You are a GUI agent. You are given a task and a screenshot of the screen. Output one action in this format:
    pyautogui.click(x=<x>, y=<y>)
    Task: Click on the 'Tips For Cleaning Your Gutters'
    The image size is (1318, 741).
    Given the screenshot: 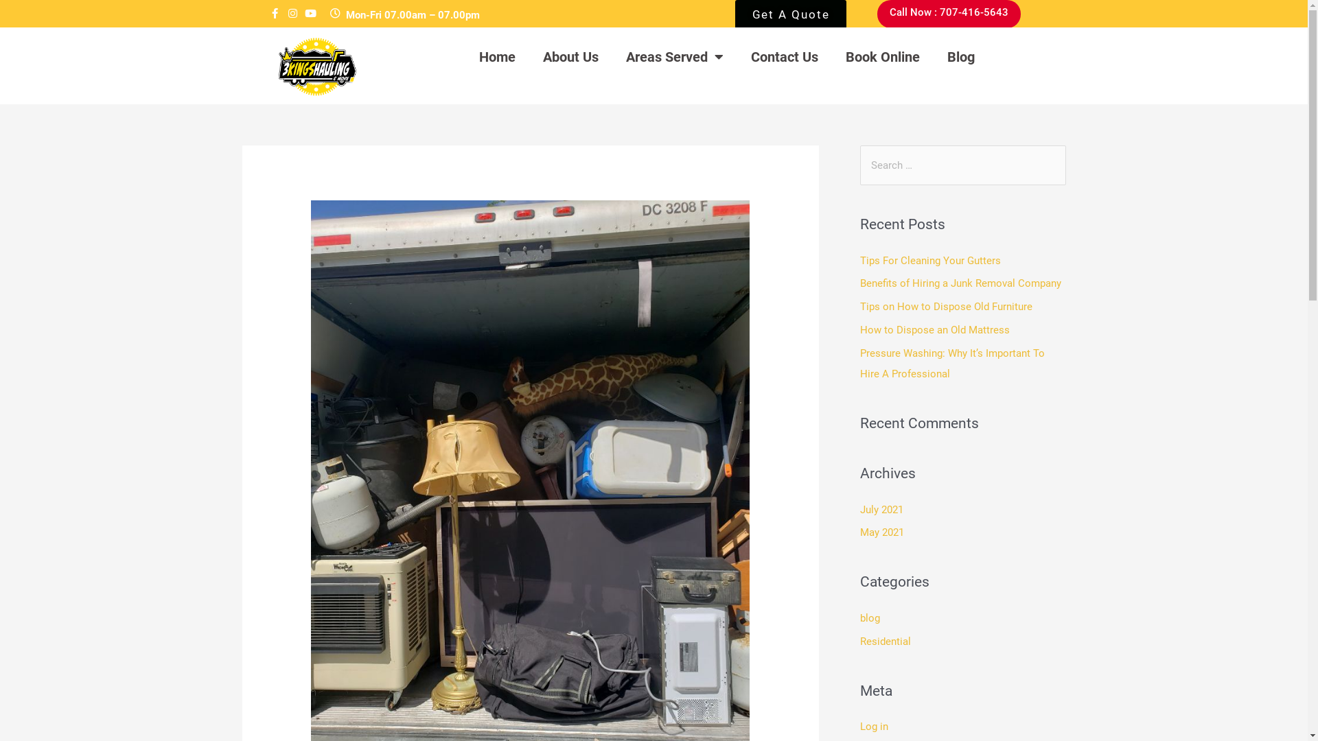 What is the action you would take?
    pyautogui.click(x=859, y=261)
    